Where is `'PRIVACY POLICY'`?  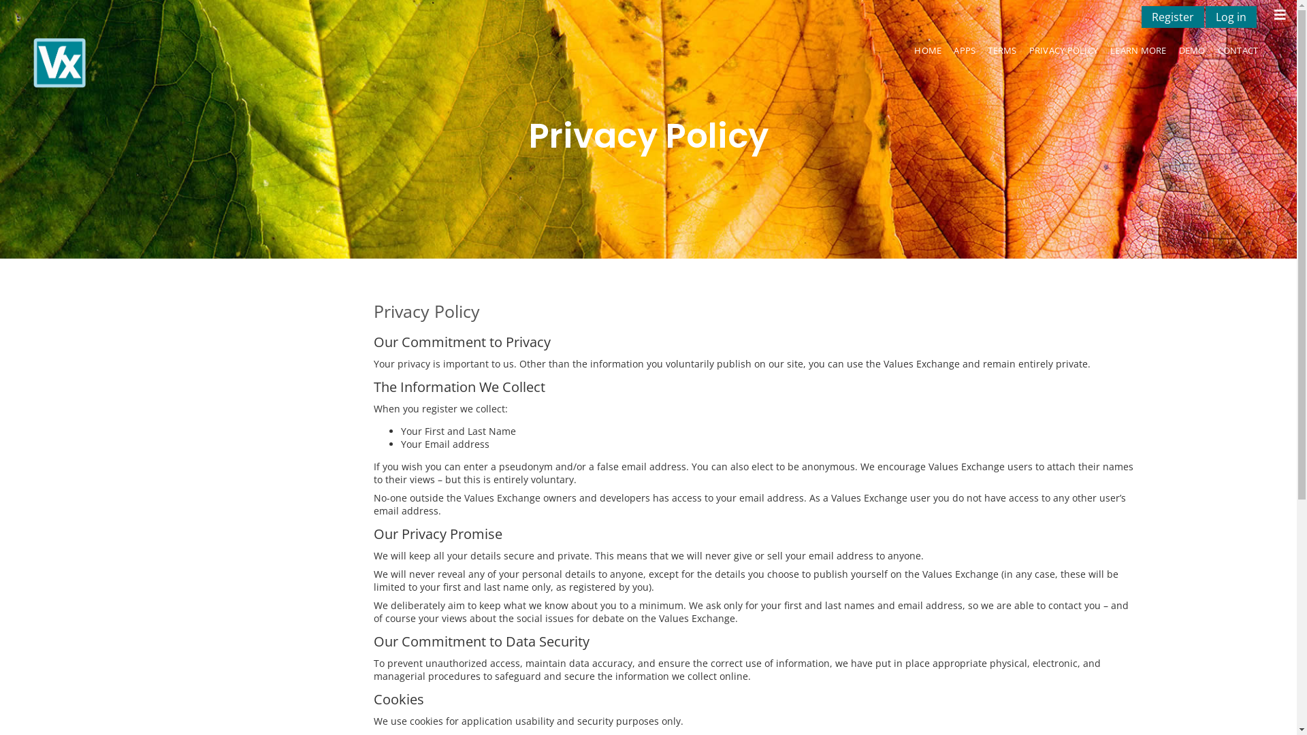 'PRIVACY POLICY' is located at coordinates (1063, 49).